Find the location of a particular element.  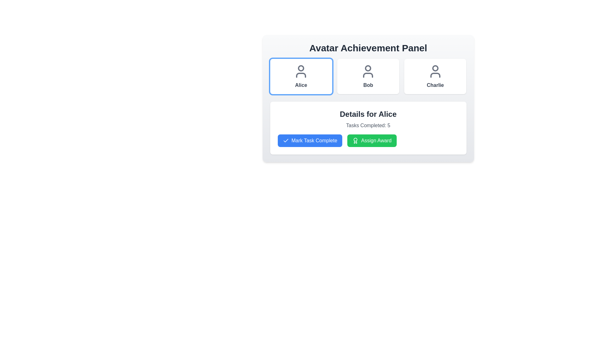

the text label identifying 'Charlie' located at the top-right corner of the white rounded rectangular card in the card layout interface is located at coordinates (435, 85).